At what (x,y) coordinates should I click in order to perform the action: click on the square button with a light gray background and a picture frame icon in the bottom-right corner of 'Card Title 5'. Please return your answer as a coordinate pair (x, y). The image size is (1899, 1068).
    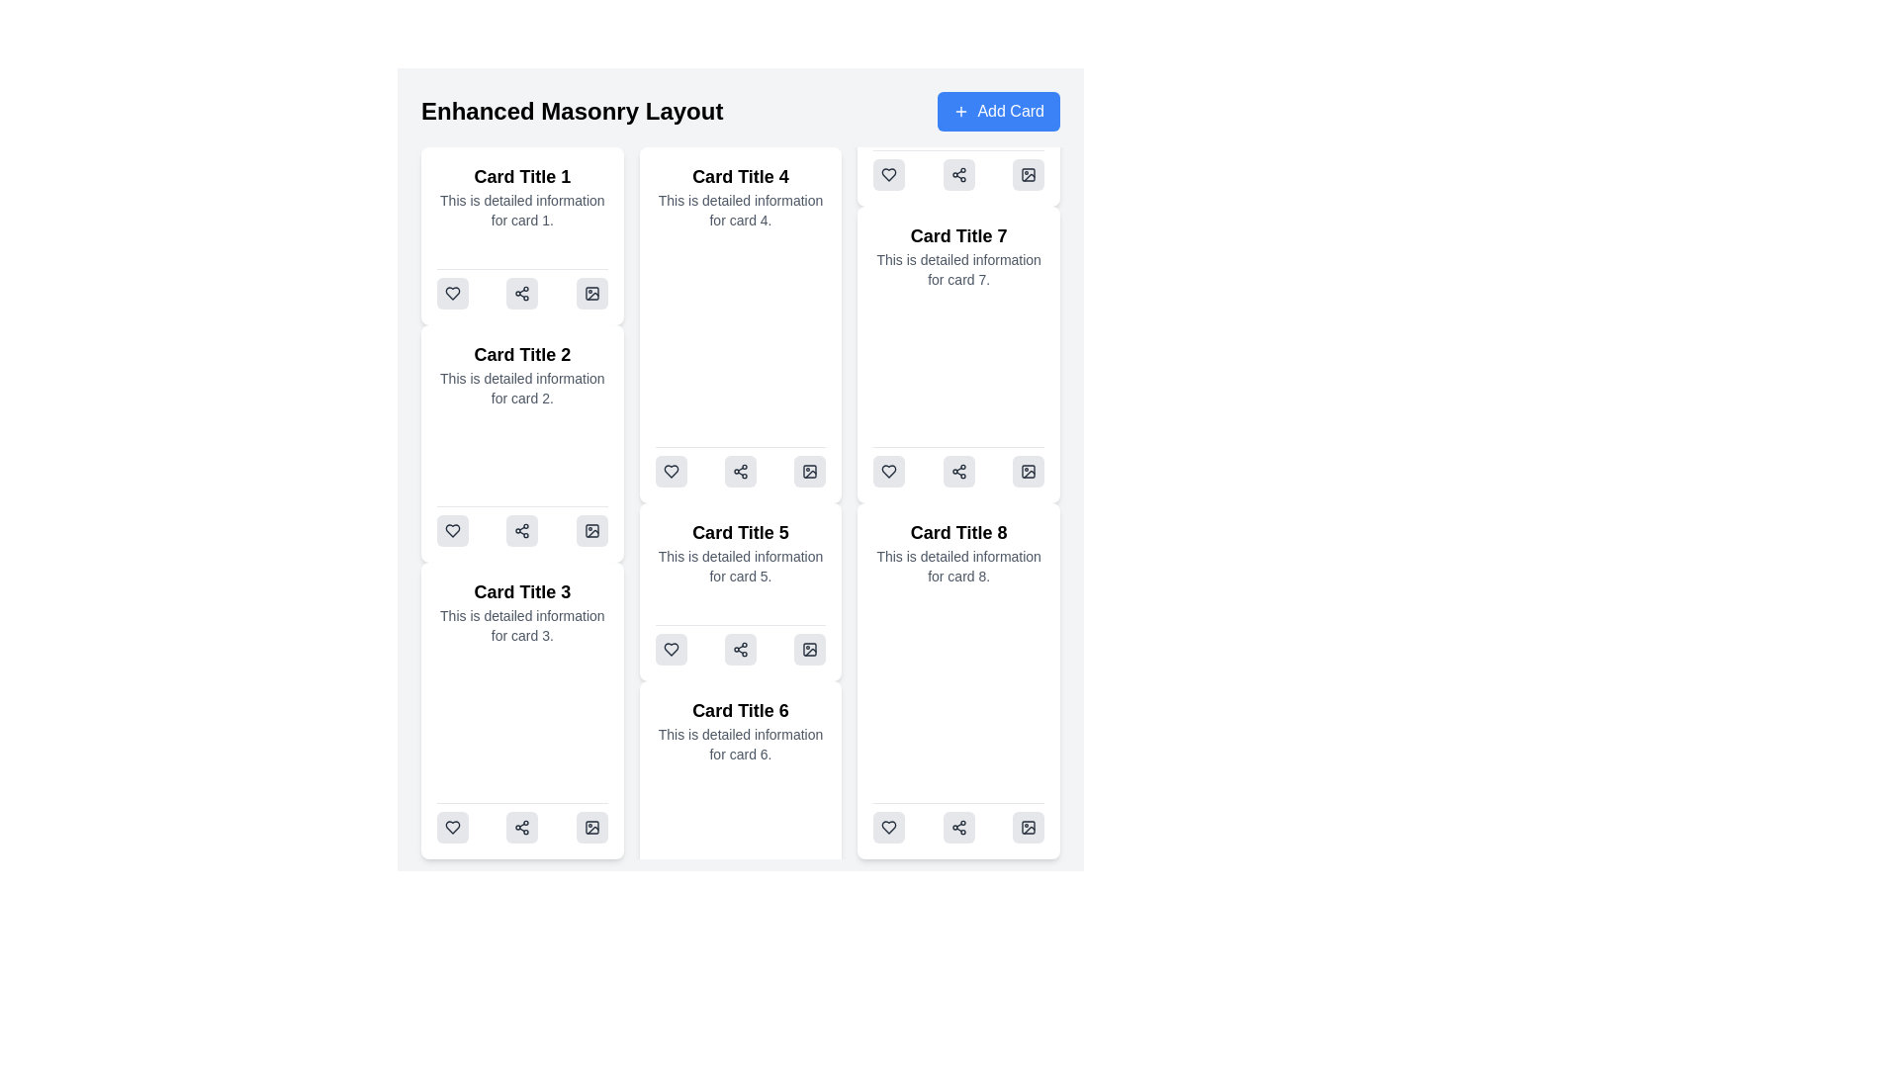
    Looking at the image, I should click on (810, 472).